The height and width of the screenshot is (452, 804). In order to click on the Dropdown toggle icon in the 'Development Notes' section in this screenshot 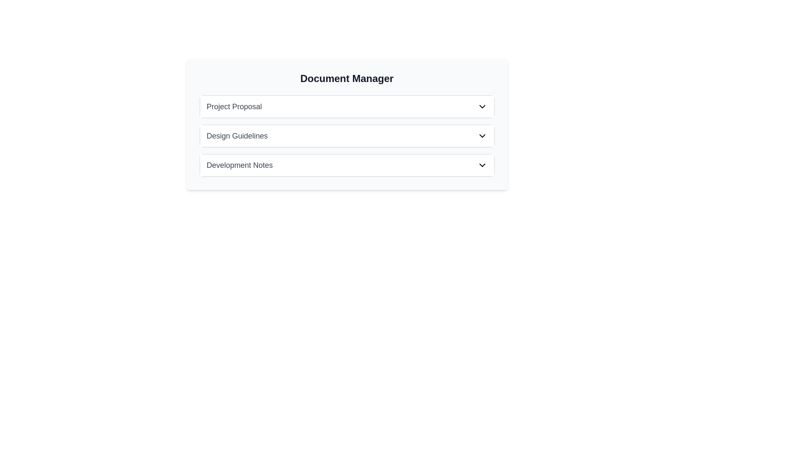, I will do `click(482, 165)`.